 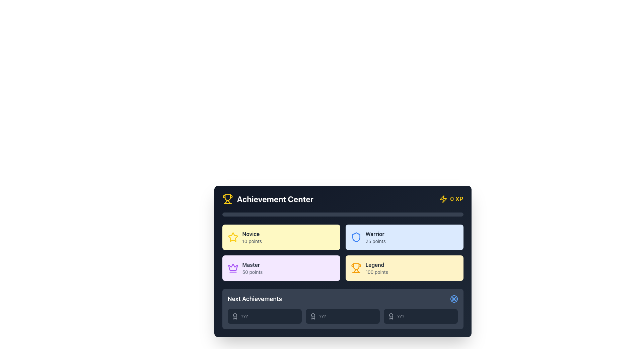 What do you see at coordinates (356, 237) in the screenshot?
I see `the shield icon located in the top-right part of the card labeled 'Warrior 25 points'` at bounding box center [356, 237].